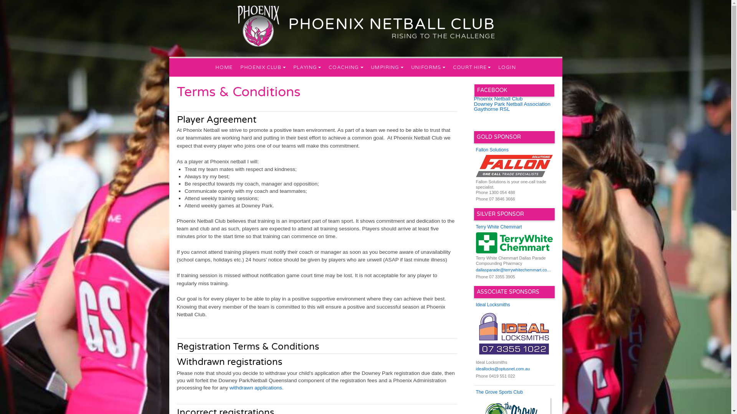  Describe the element at coordinates (255, 388) in the screenshot. I see `' withdrawn applications'` at that location.